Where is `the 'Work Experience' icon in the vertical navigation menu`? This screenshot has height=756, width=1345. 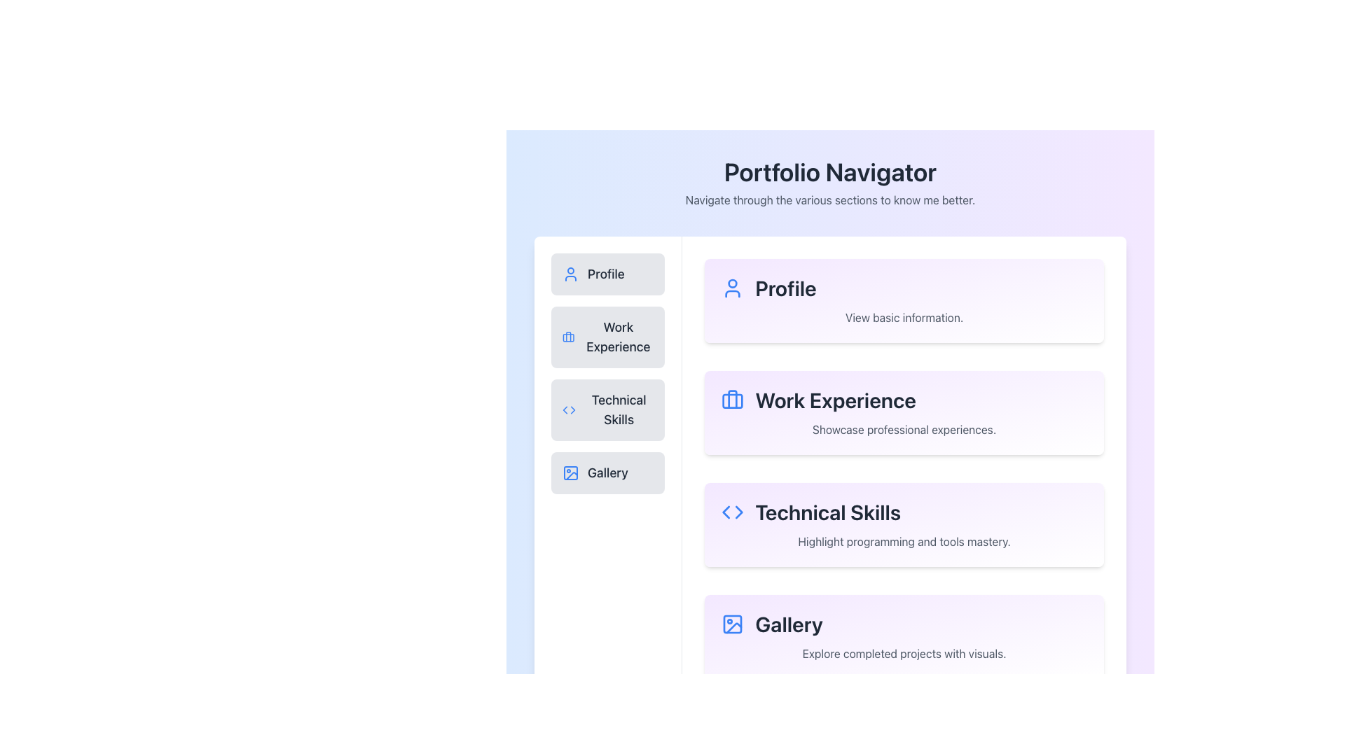
the 'Work Experience' icon in the vertical navigation menu is located at coordinates (568, 337).